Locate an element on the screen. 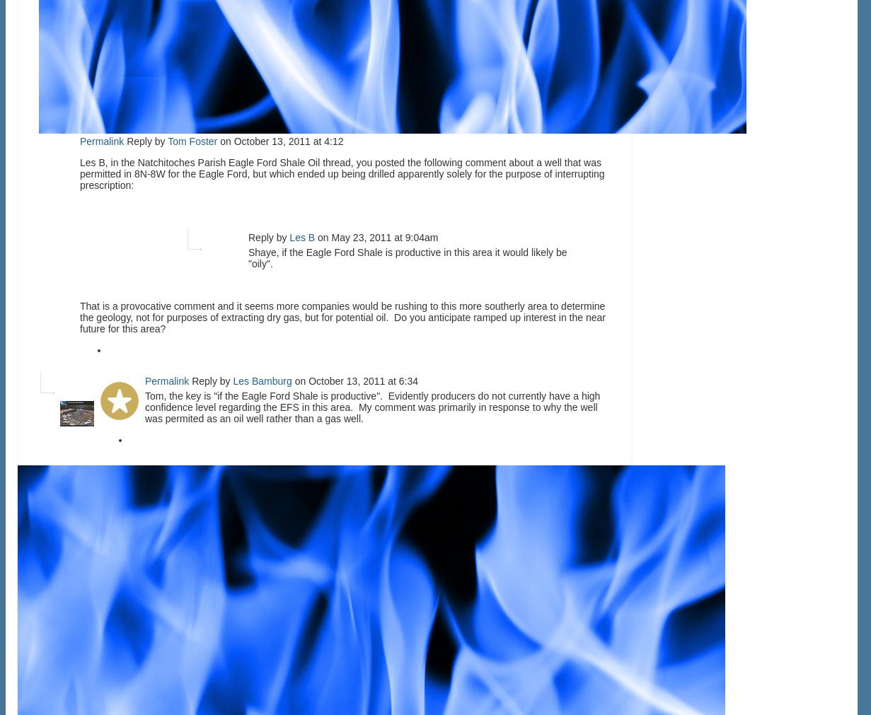 The height and width of the screenshot is (715, 871). 'Les Bamburg' is located at coordinates (262, 380).